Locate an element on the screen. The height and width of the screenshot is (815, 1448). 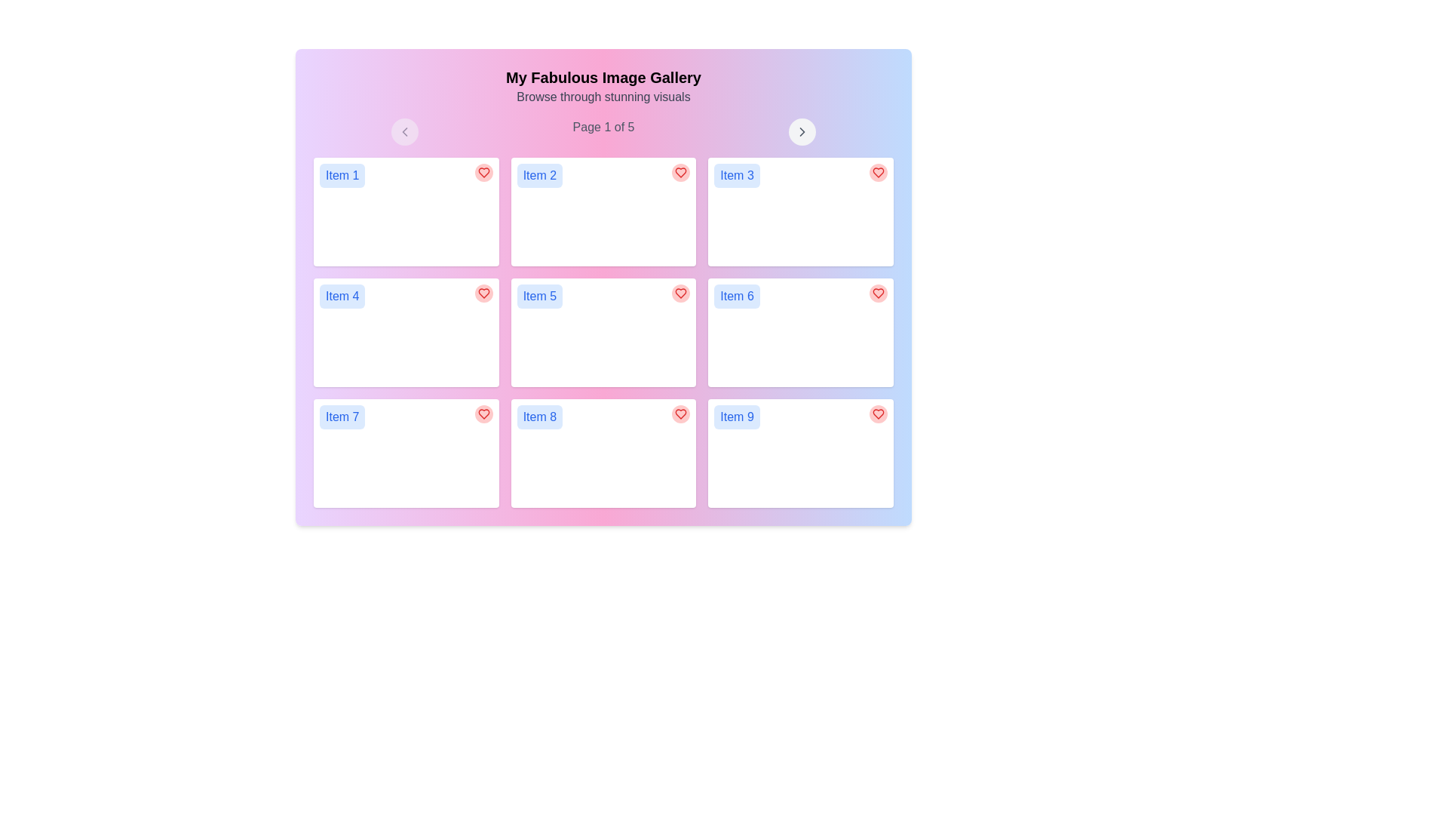
the 'like' or 'favorite' icon located in the top-right corner of the grid item labeled 'Item 5' within the SVG graphic in the image gallery is located at coordinates (680, 294).